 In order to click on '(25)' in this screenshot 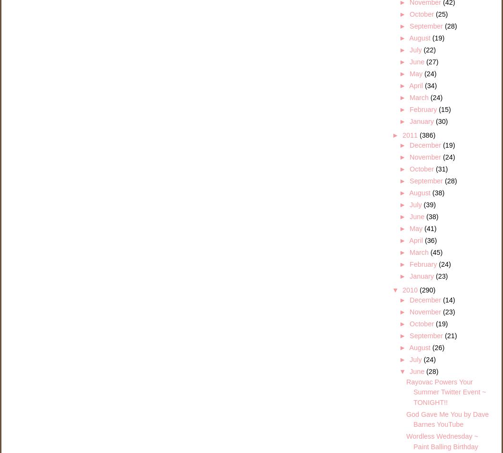, I will do `click(441, 14)`.